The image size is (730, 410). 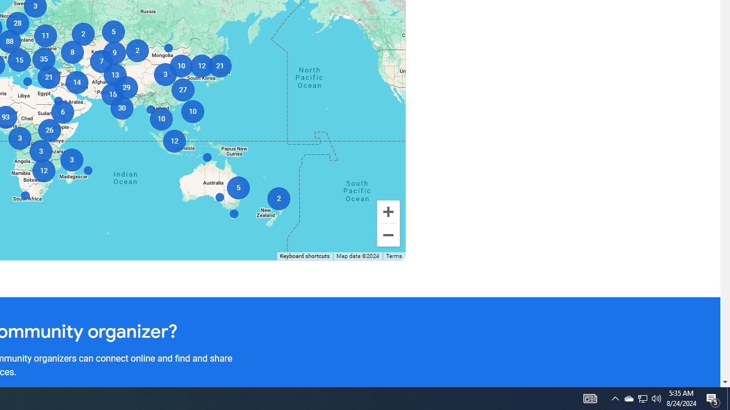 What do you see at coordinates (114, 52) in the screenshot?
I see `'9'` at bounding box center [114, 52].